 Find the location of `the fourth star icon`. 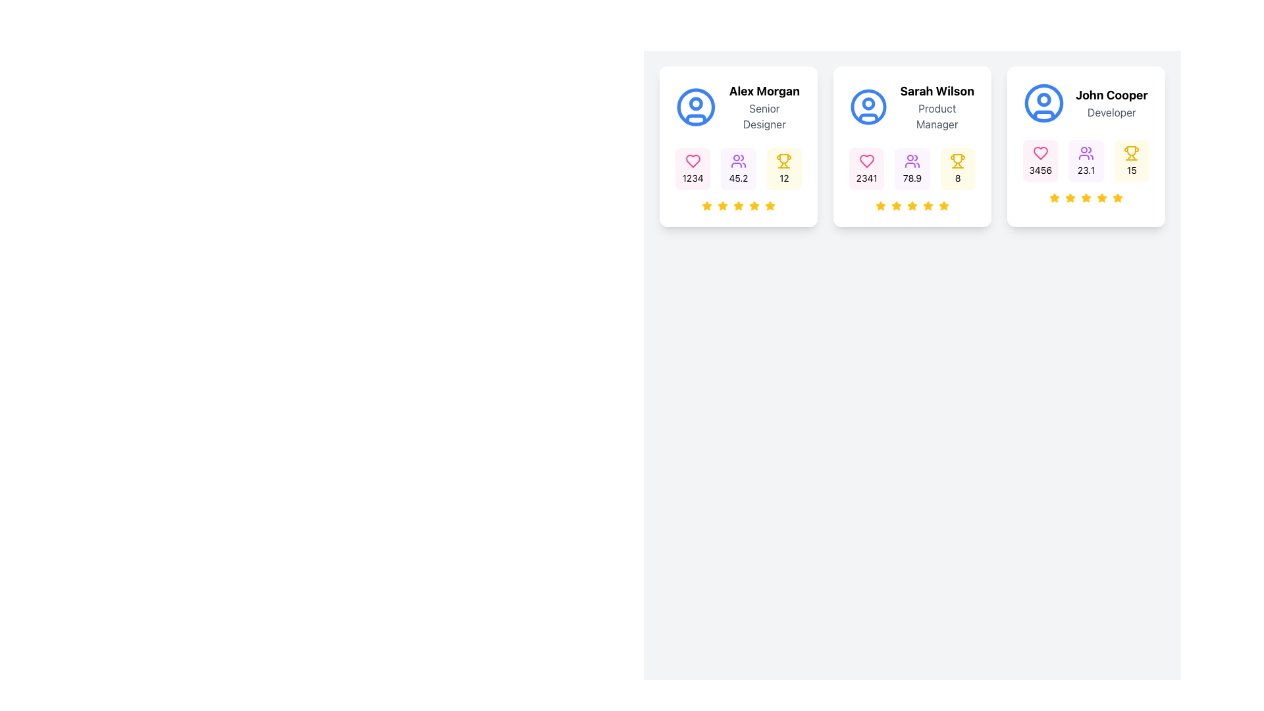

the fourth star icon is located at coordinates (912, 205).